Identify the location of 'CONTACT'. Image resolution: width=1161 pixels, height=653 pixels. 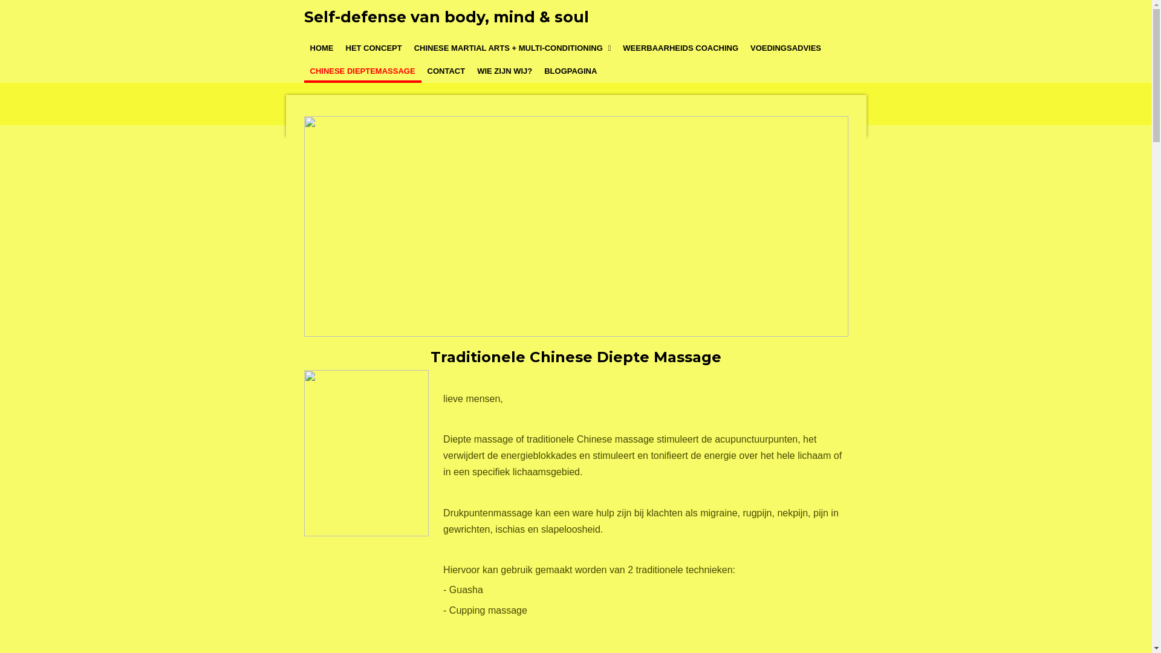
(421, 71).